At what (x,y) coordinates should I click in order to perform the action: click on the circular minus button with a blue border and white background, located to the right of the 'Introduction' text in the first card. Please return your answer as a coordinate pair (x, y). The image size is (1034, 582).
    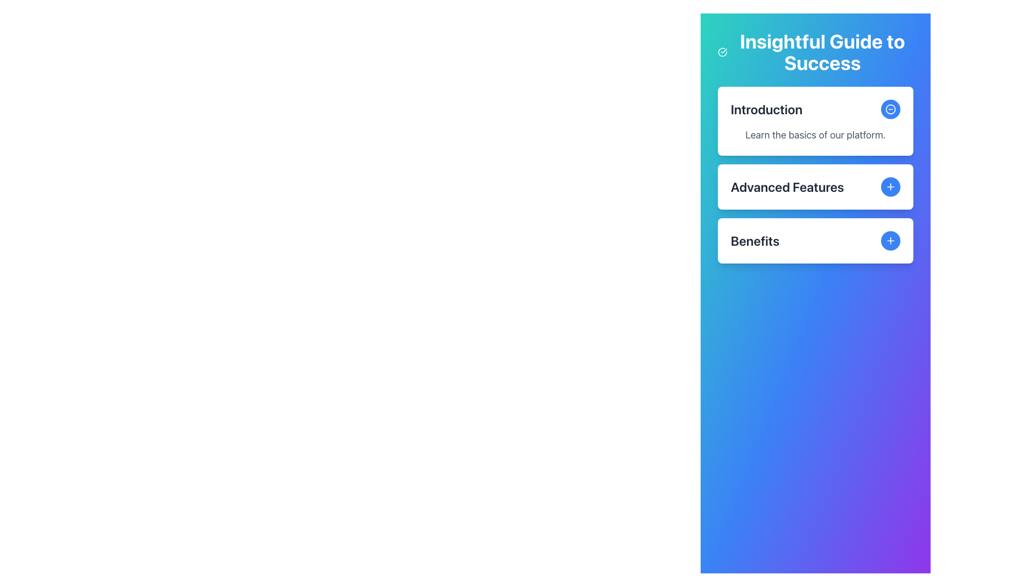
    Looking at the image, I should click on (891, 109).